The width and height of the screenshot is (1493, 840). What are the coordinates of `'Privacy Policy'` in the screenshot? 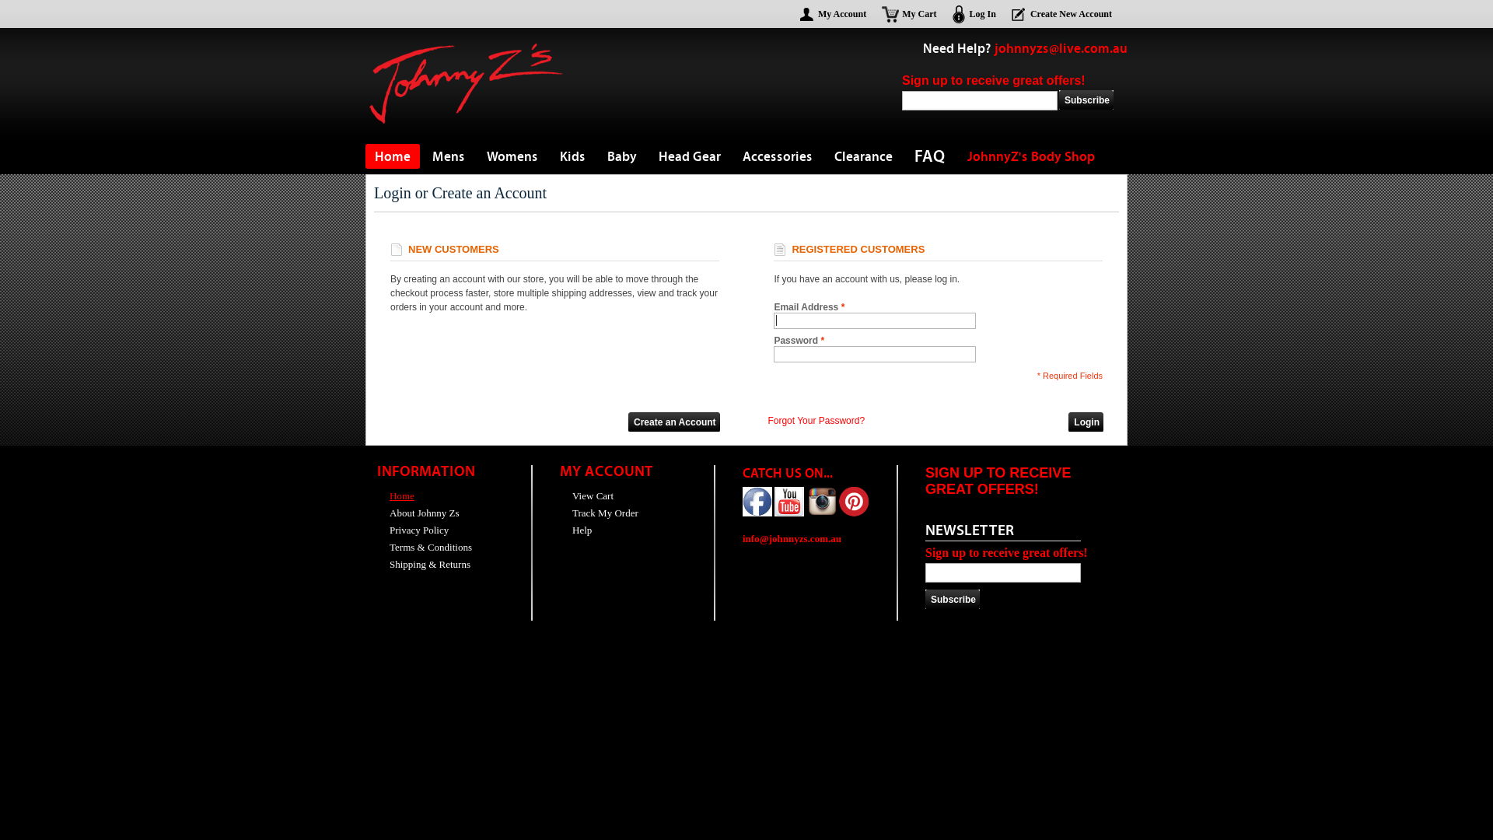 It's located at (413, 529).